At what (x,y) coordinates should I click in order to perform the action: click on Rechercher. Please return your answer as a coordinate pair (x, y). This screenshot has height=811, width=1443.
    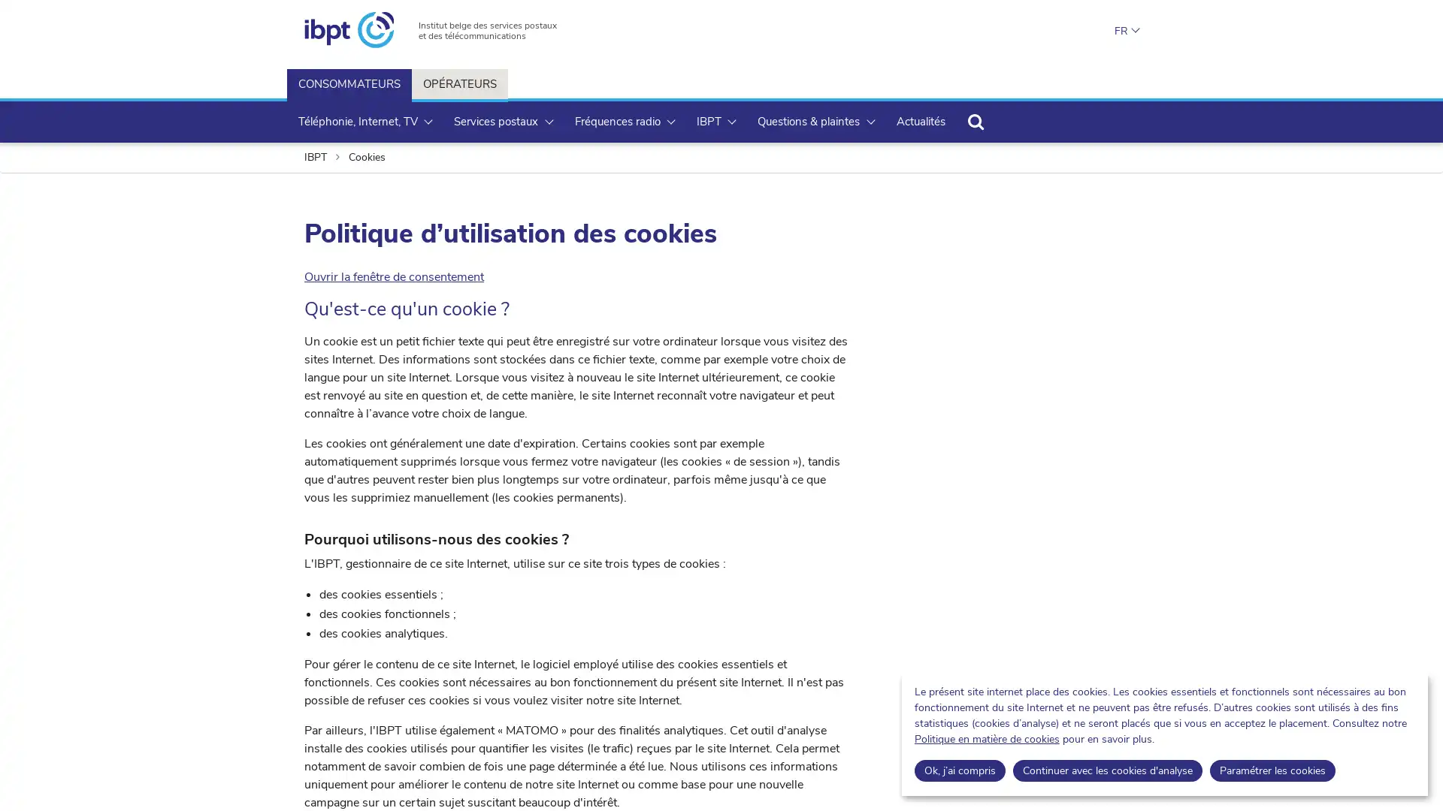
    Looking at the image, I should click on (976, 121).